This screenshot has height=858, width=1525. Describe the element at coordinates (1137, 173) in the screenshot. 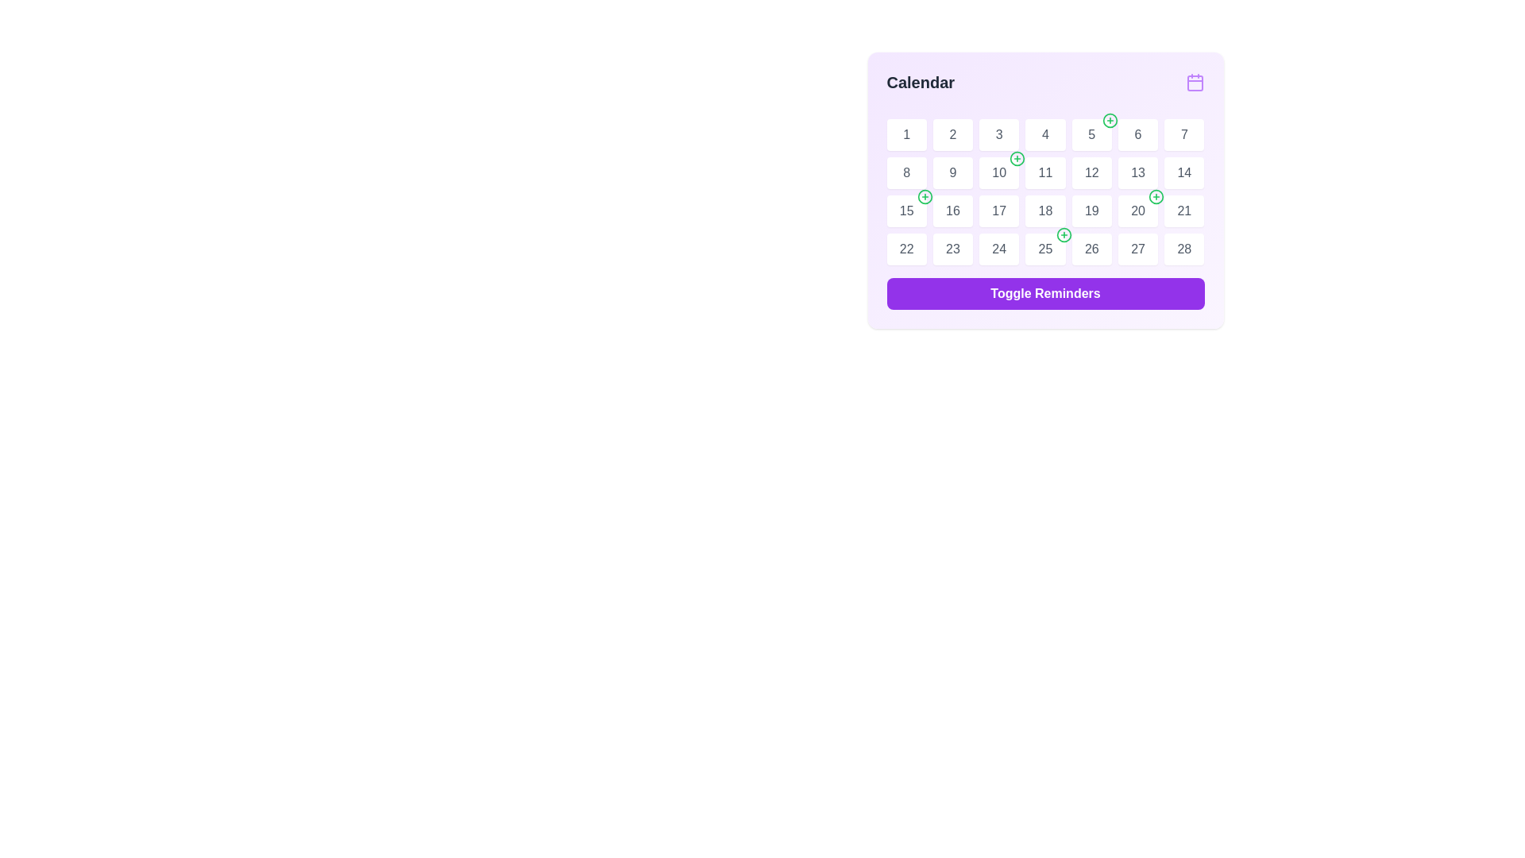

I see `the Calendar day cell containing the number '13', which is a white square with a lightly rounded border and shadow effect, located in the second row, third column of the calendar grid` at that location.